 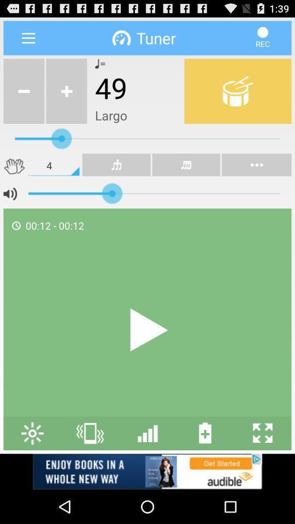 I want to click on the minus icon, so click(x=23, y=97).